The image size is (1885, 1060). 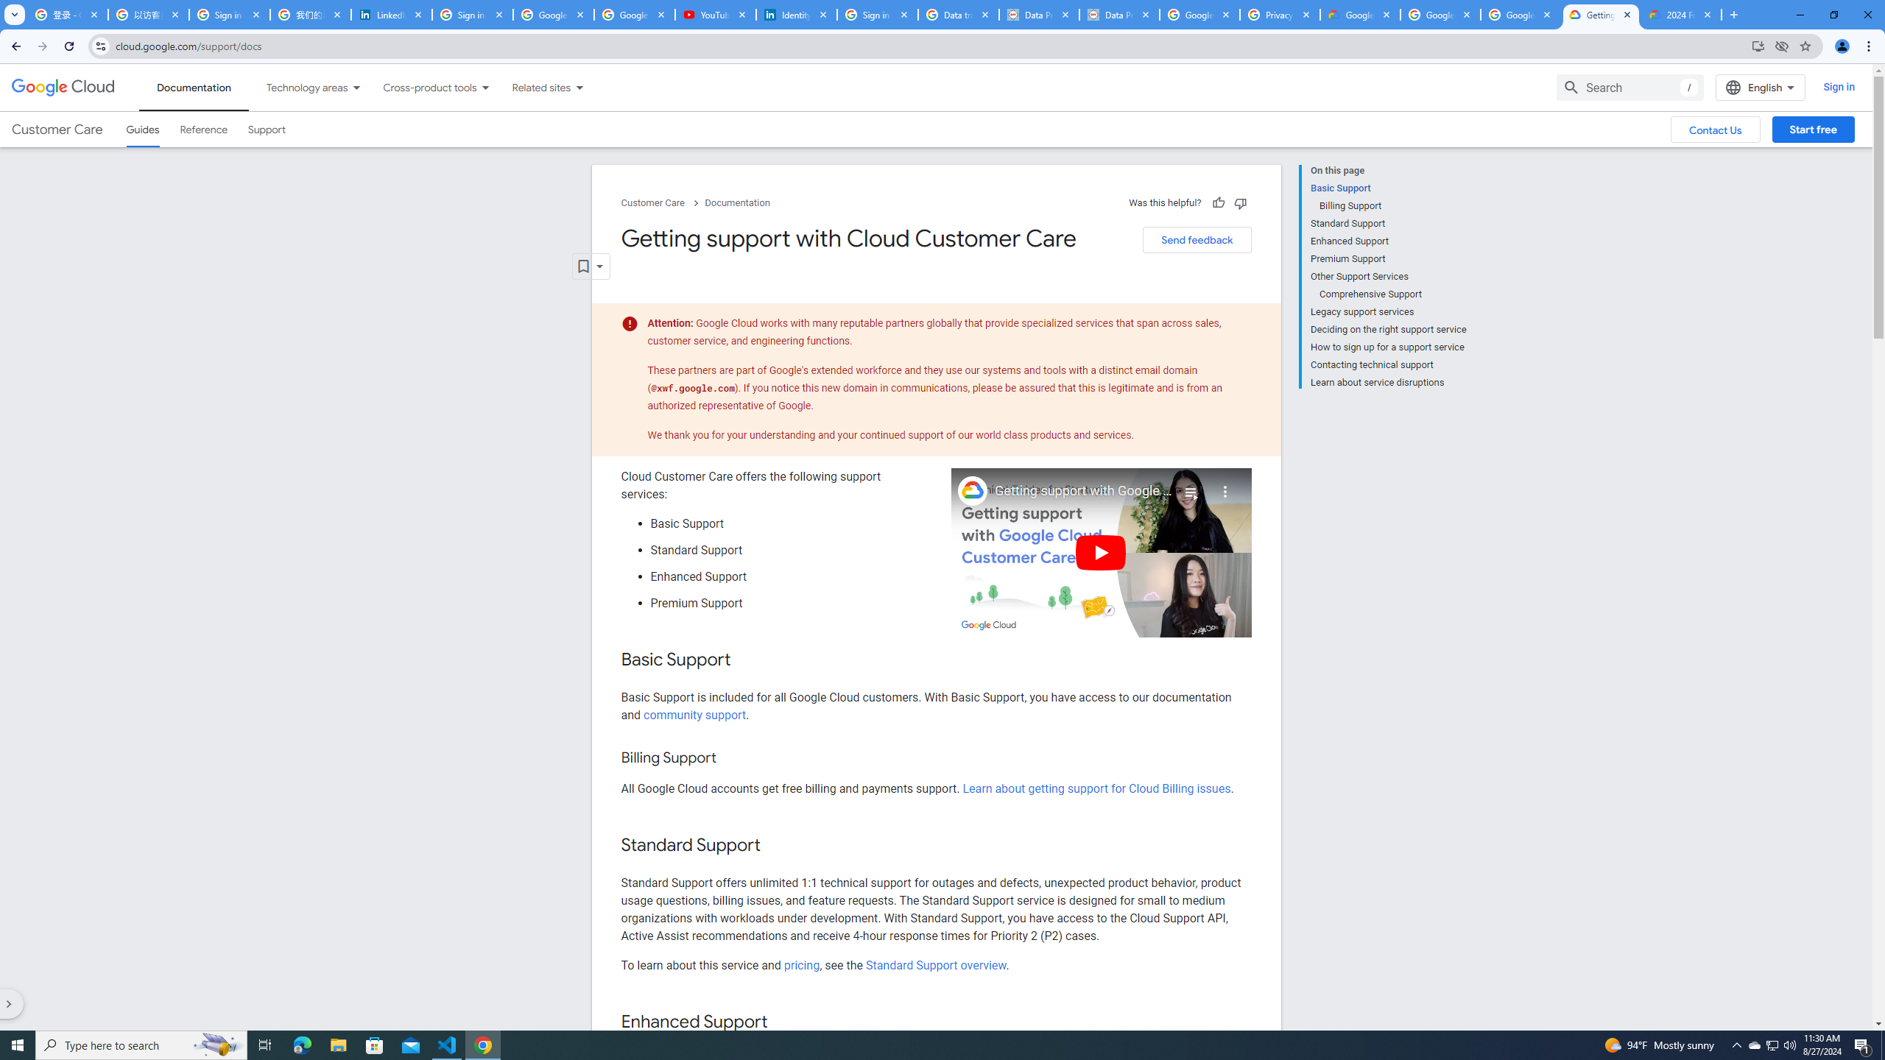 I want to click on 'Copy link to this section: Enhanced Support', so click(x=781, y=1022).